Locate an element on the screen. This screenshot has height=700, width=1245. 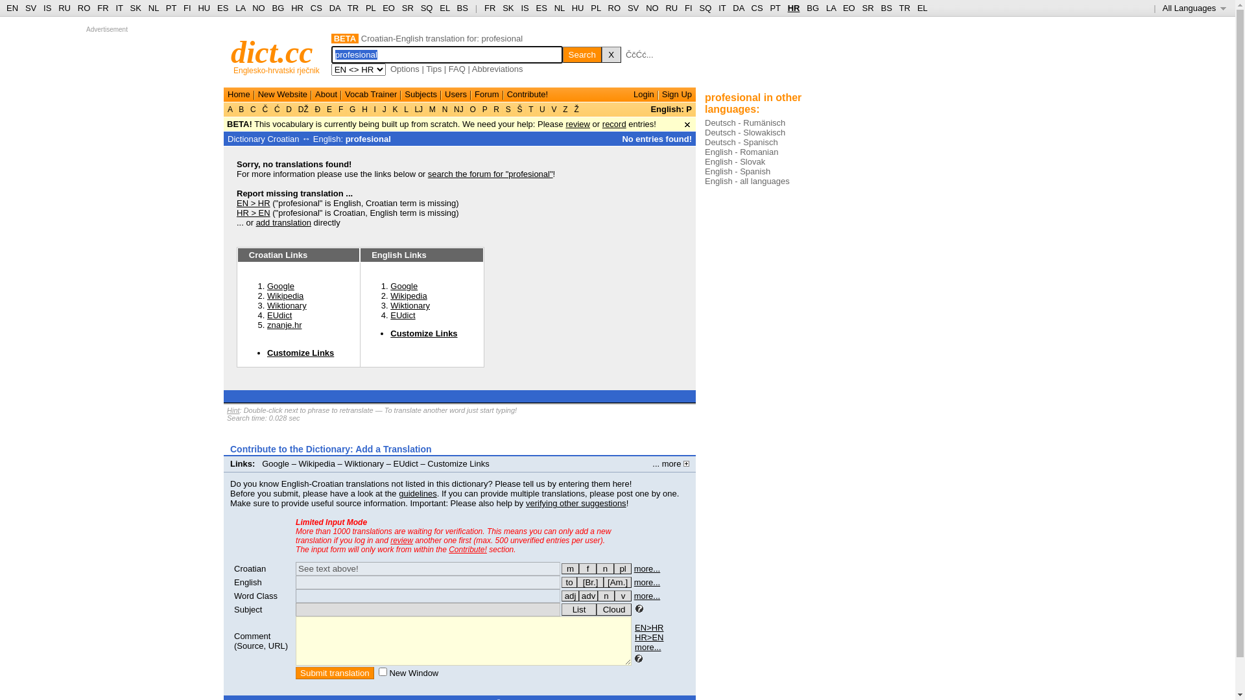
'S' is located at coordinates (503, 109).